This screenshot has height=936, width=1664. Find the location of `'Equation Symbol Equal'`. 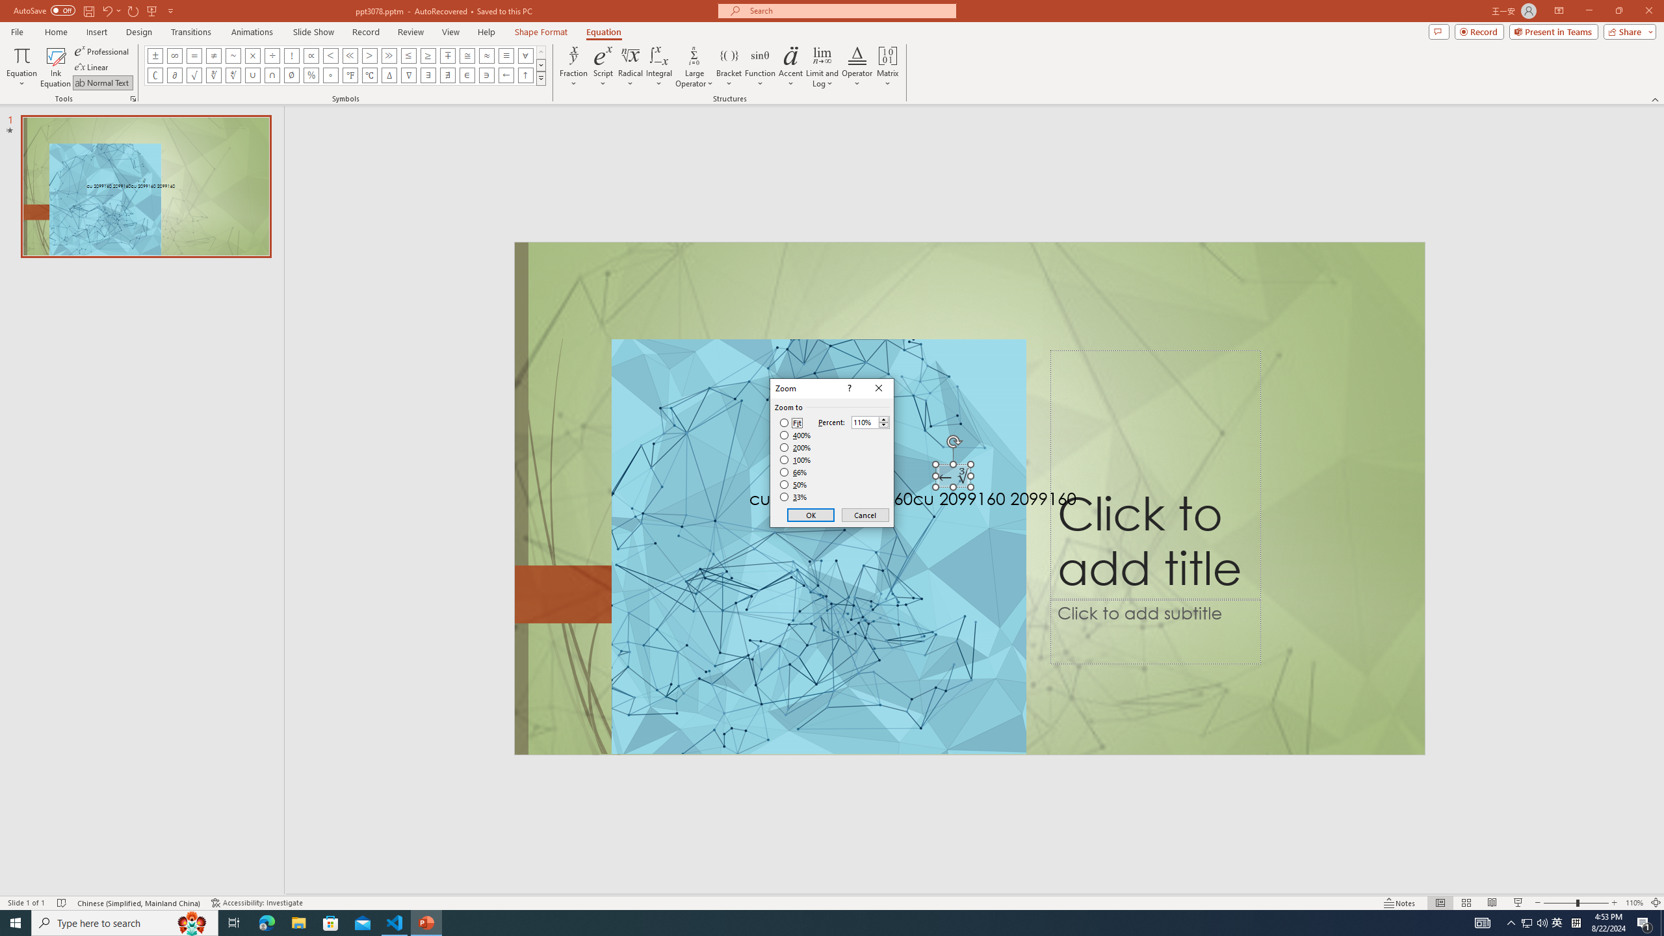

'Equation Symbol Equal' is located at coordinates (194, 55).